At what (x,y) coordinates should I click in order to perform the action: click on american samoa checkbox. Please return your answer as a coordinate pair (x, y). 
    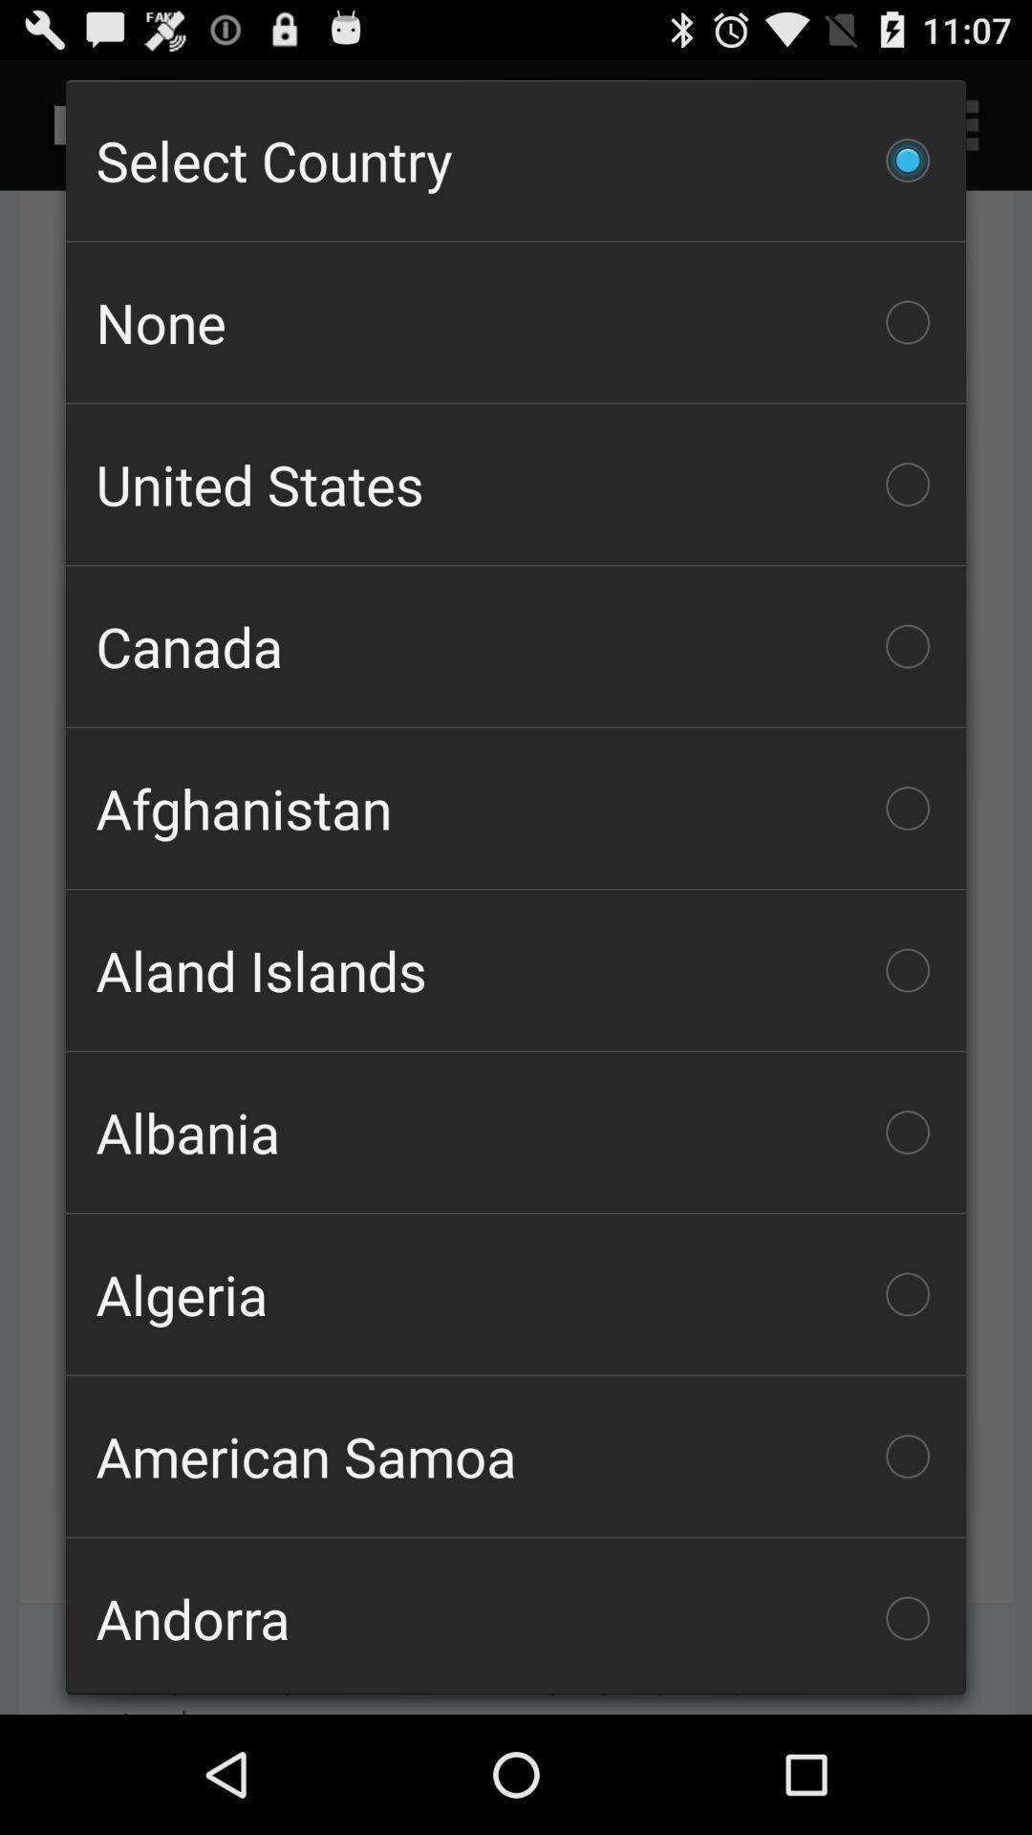
    Looking at the image, I should click on (516, 1455).